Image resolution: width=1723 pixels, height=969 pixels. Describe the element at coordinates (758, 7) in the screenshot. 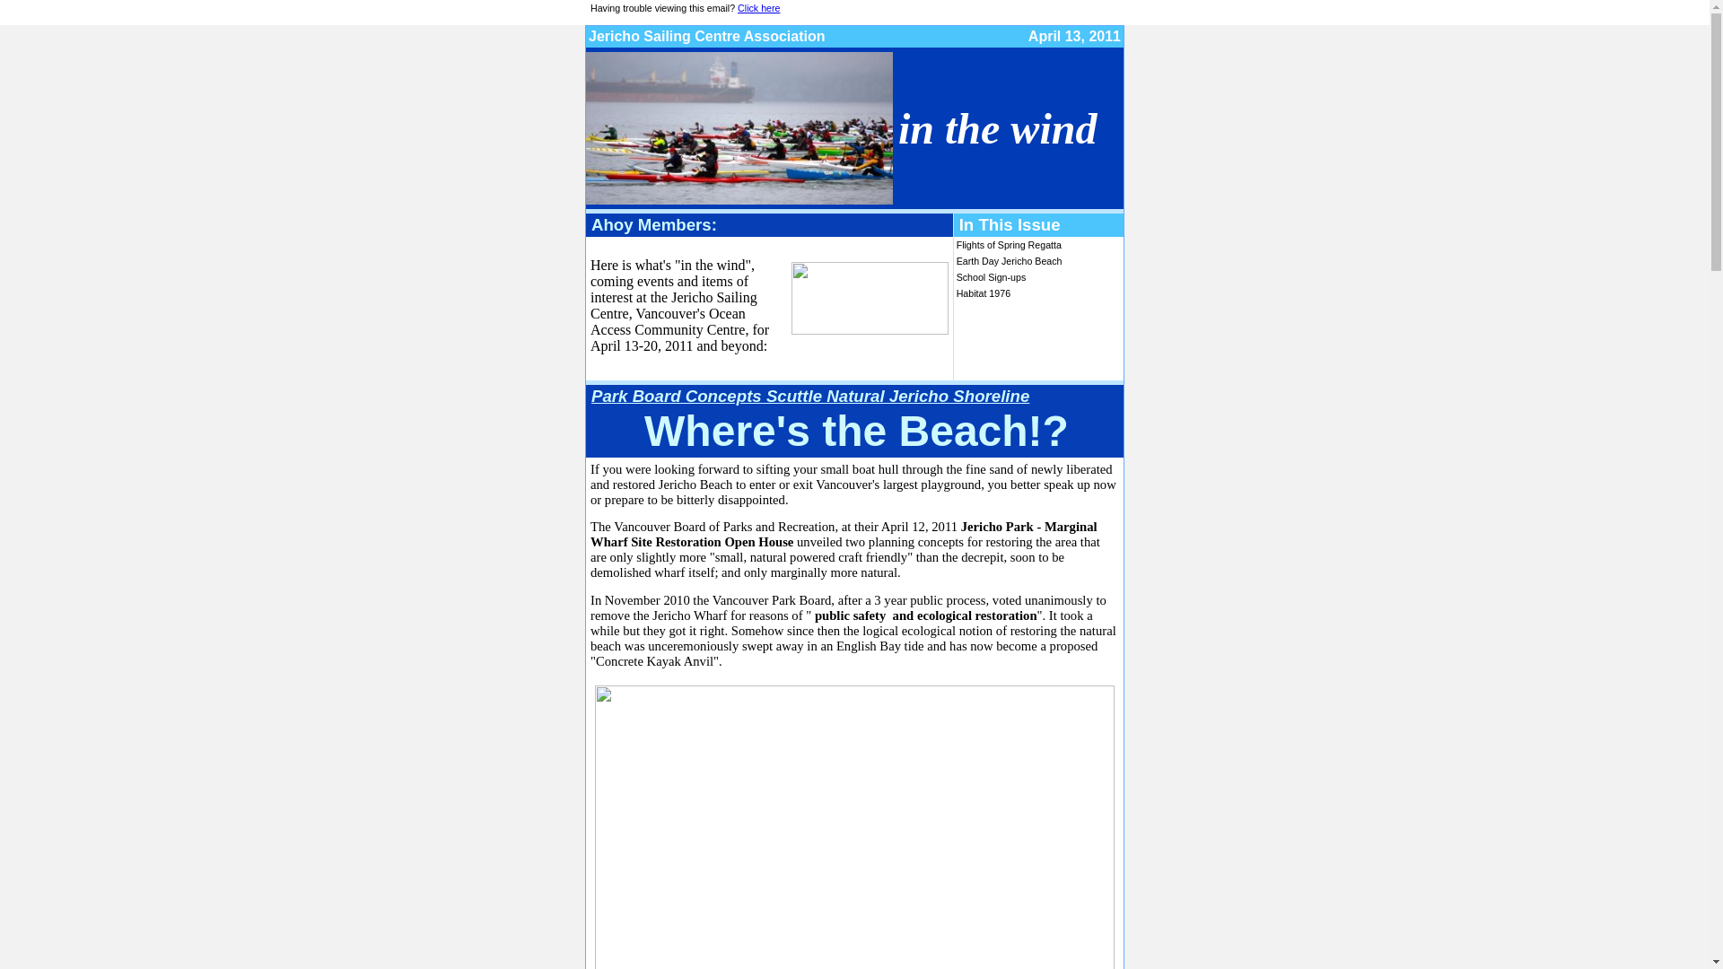

I see `'Click here'` at that location.